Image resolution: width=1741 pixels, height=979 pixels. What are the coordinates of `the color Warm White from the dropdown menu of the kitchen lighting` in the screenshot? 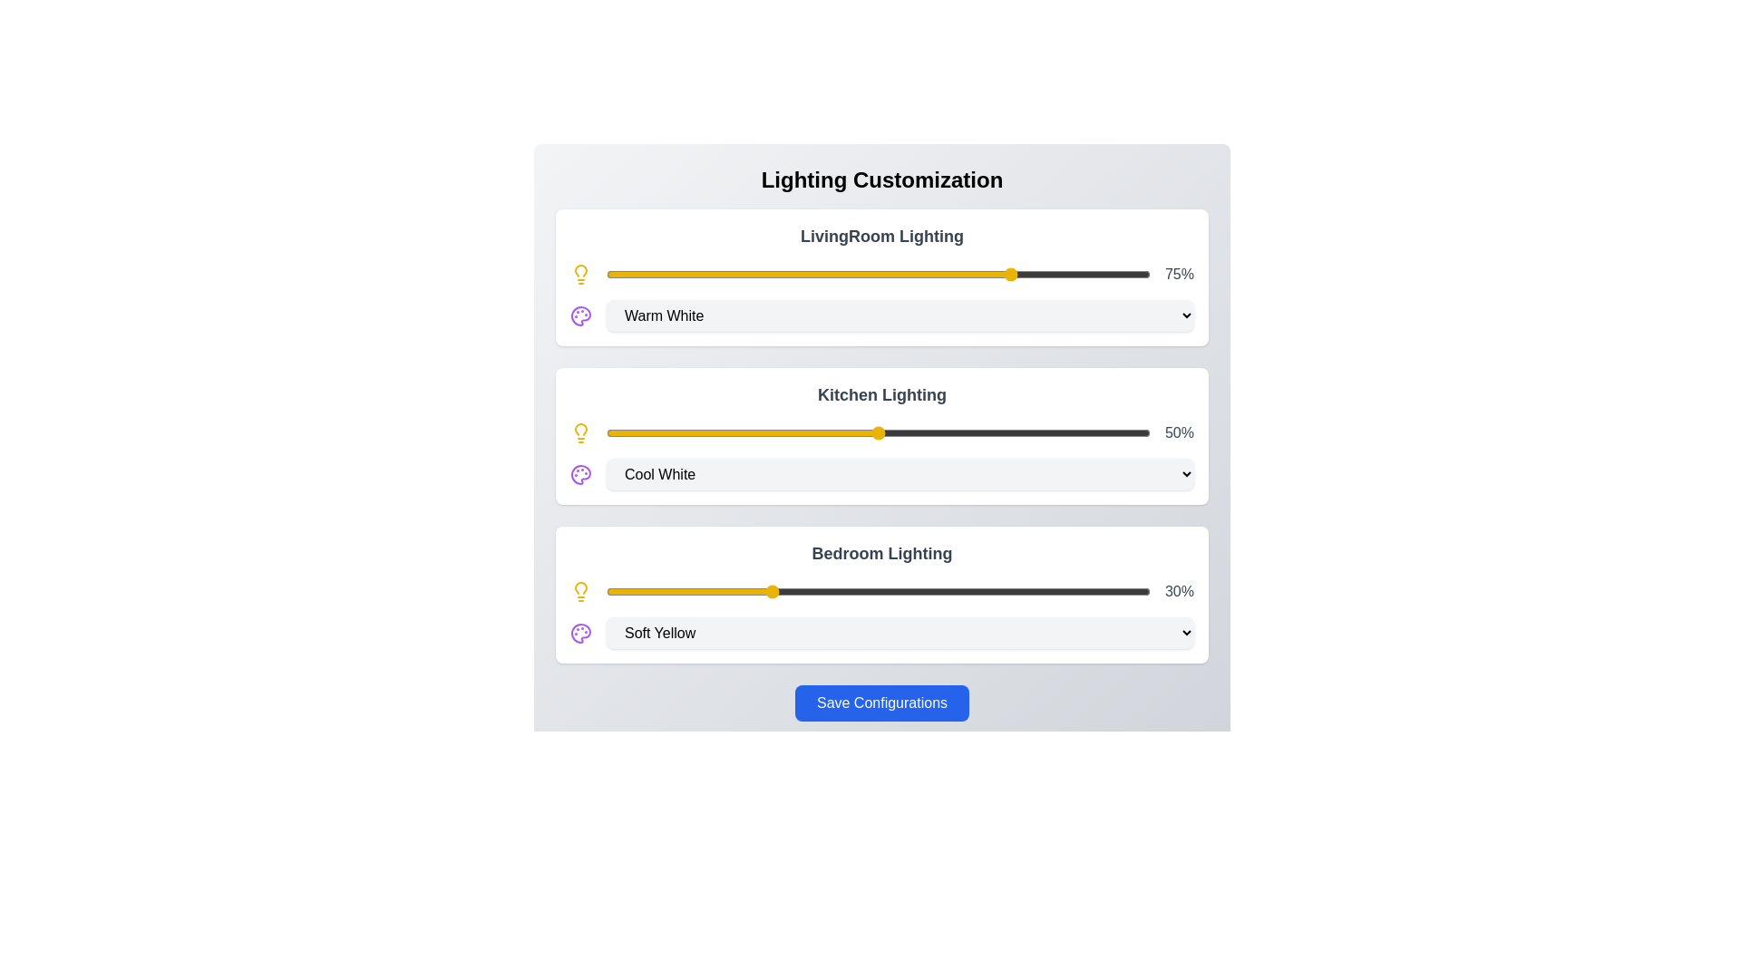 It's located at (900, 473).